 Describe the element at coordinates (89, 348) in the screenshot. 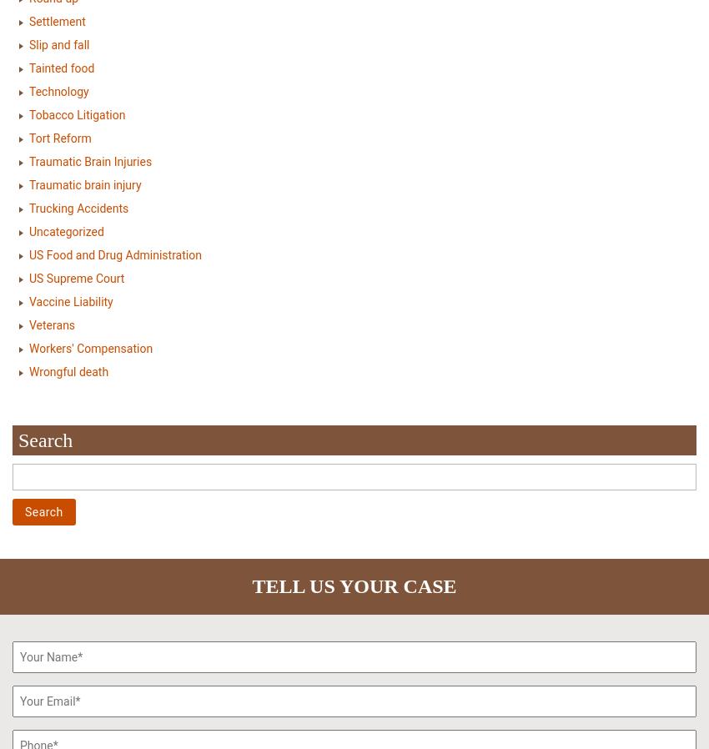

I see `'Workers' Compensation'` at that location.